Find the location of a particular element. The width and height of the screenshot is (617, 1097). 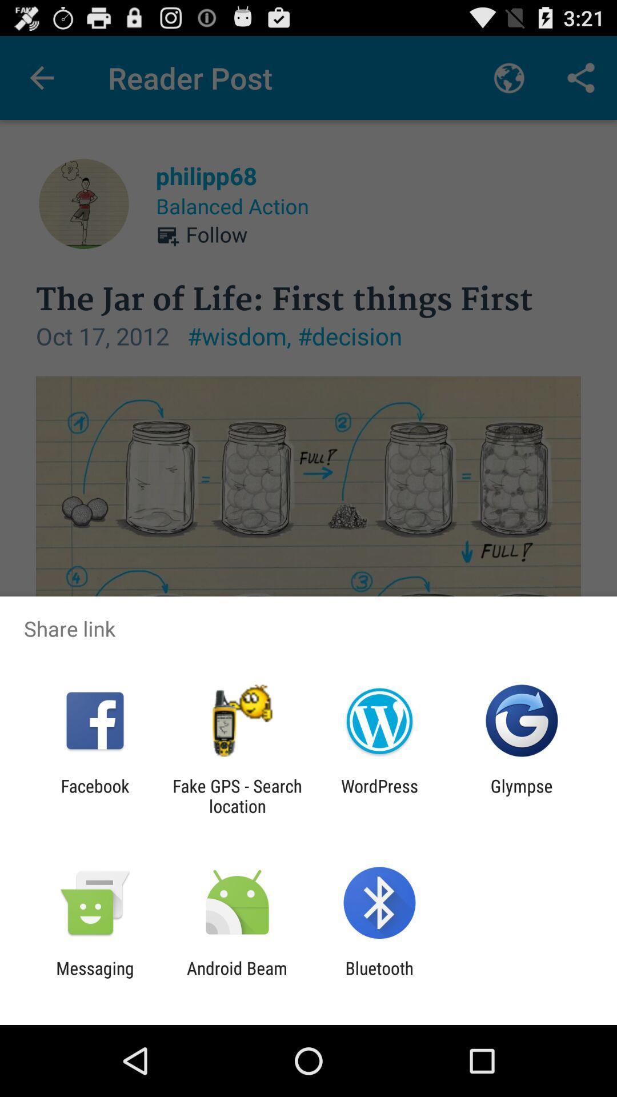

the app to the right of the facebook app is located at coordinates (237, 795).